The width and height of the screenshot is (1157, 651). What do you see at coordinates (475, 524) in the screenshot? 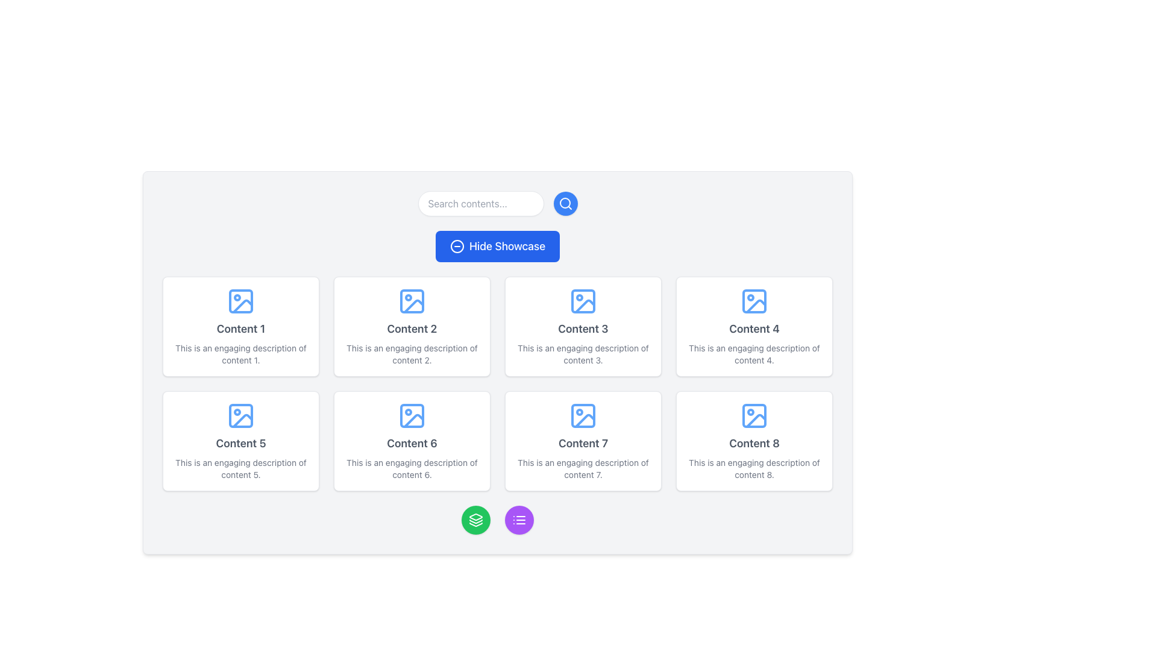
I see `the third layer of the stacked icon representing layers, located near the bottom-left corner of the layout` at bounding box center [475, 524].